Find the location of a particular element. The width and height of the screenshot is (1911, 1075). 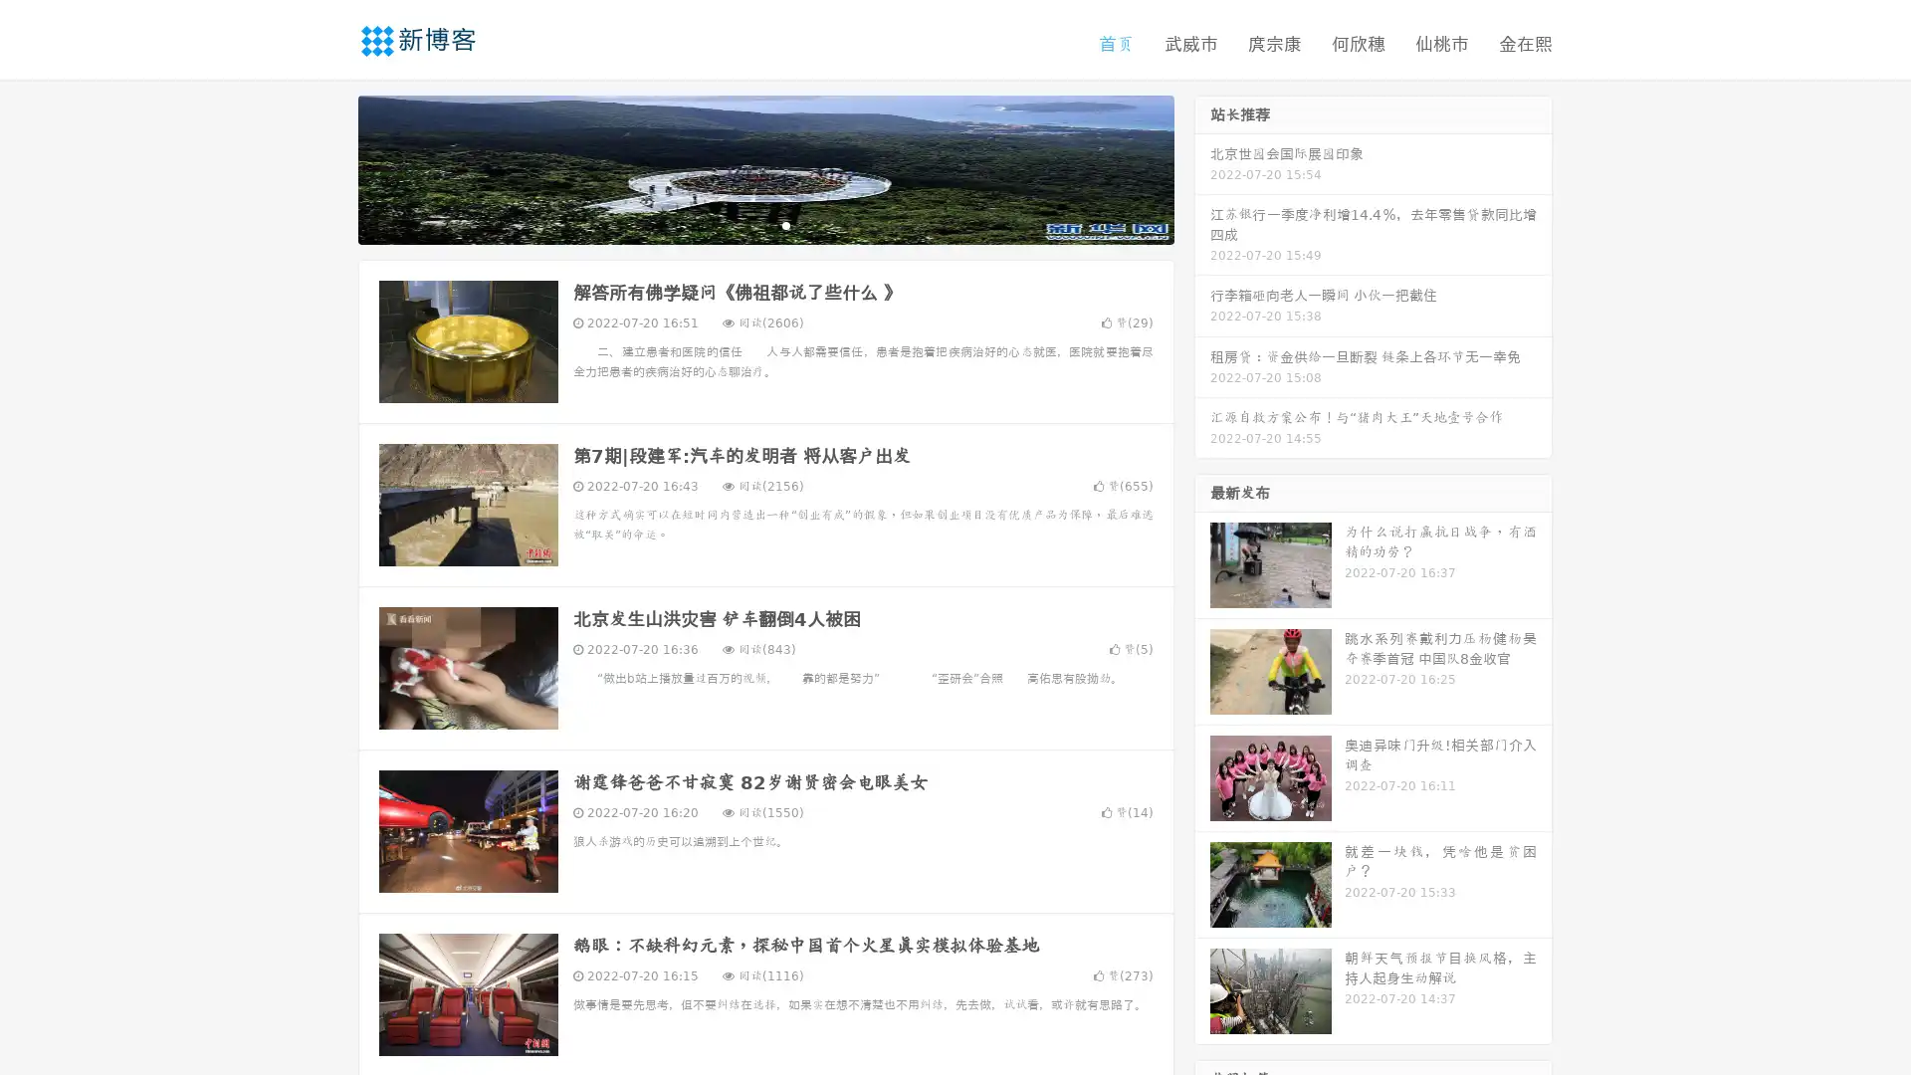

Go to slide 2 is located at coordinates (764, 224).